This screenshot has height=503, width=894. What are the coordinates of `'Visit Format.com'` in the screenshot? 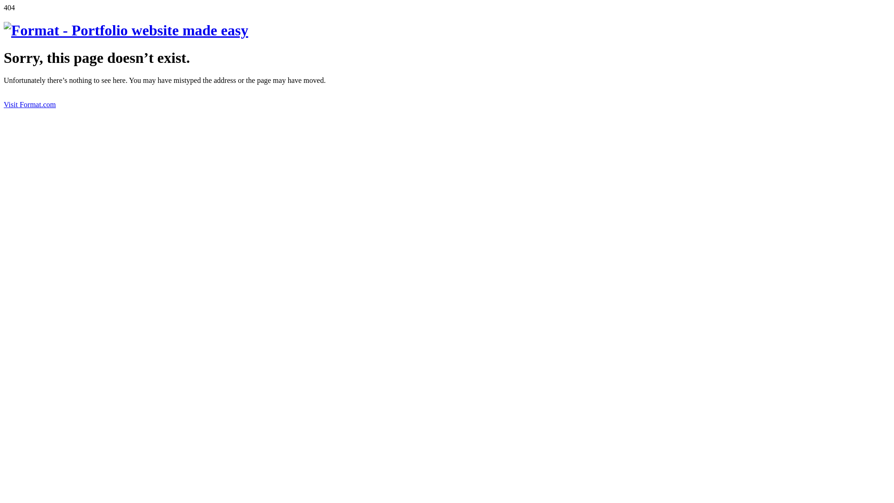 It's located at (29, 104).